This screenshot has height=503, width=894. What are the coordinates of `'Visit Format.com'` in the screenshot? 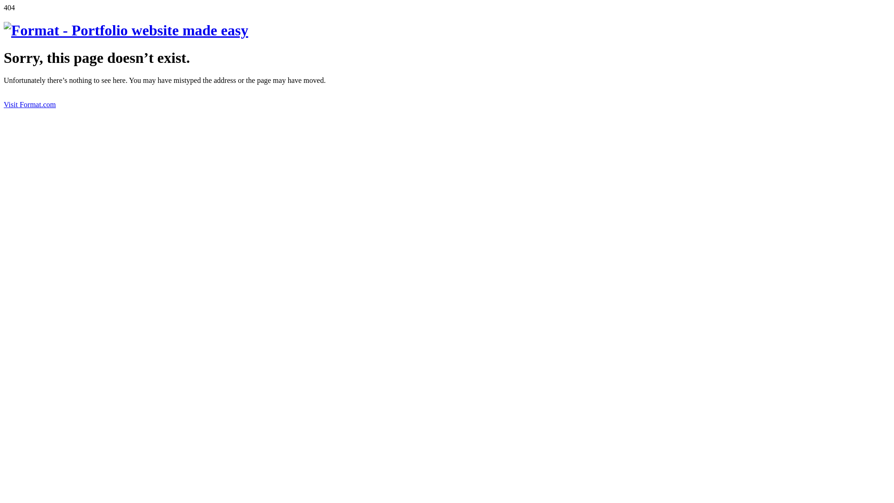 It's located at (29, 104).